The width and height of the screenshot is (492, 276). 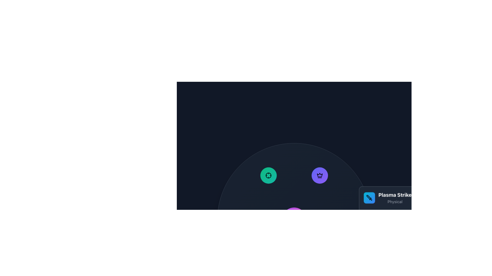 What do you see at coordinates (395, 195) in the screenshot?
I see `the static text label that displays 'Plasma Strike', which is styled in bold, large white font against a dark background` at bounding box center [395, 195].